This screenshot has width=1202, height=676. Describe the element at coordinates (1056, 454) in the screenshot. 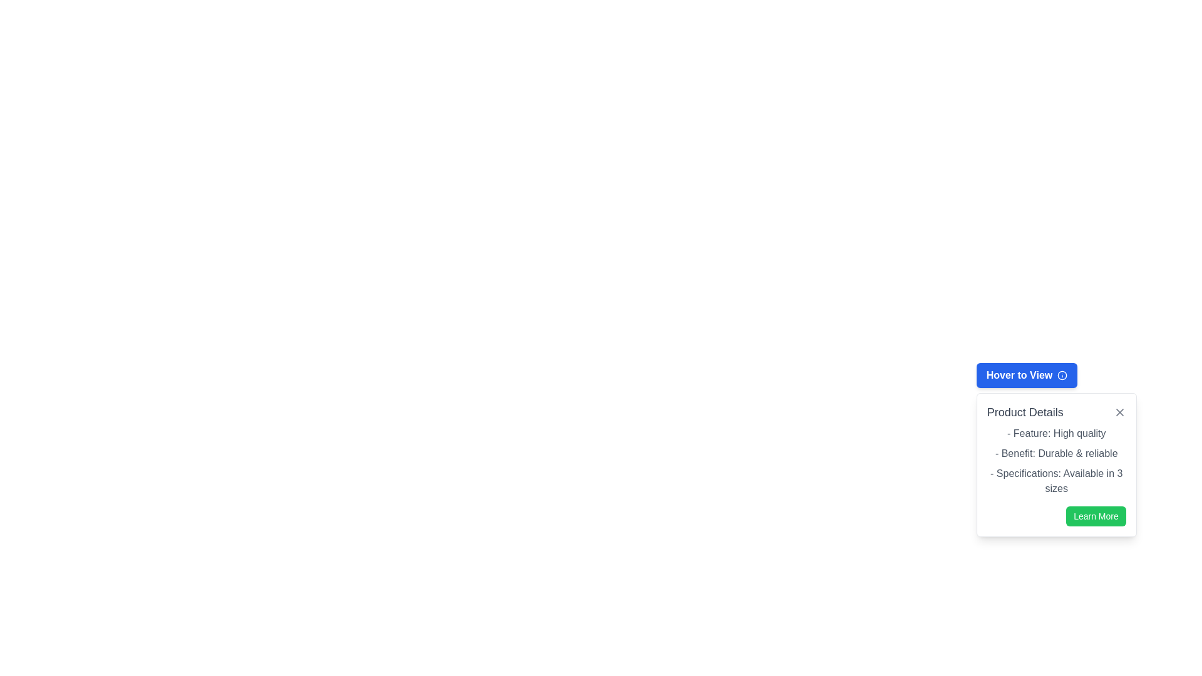

I see `the second text entry in the 'Product Details' section, which describes a product benefit, located between '- Feature: High quality' and '- Specifications: Available in 3 sizes'` at that location.